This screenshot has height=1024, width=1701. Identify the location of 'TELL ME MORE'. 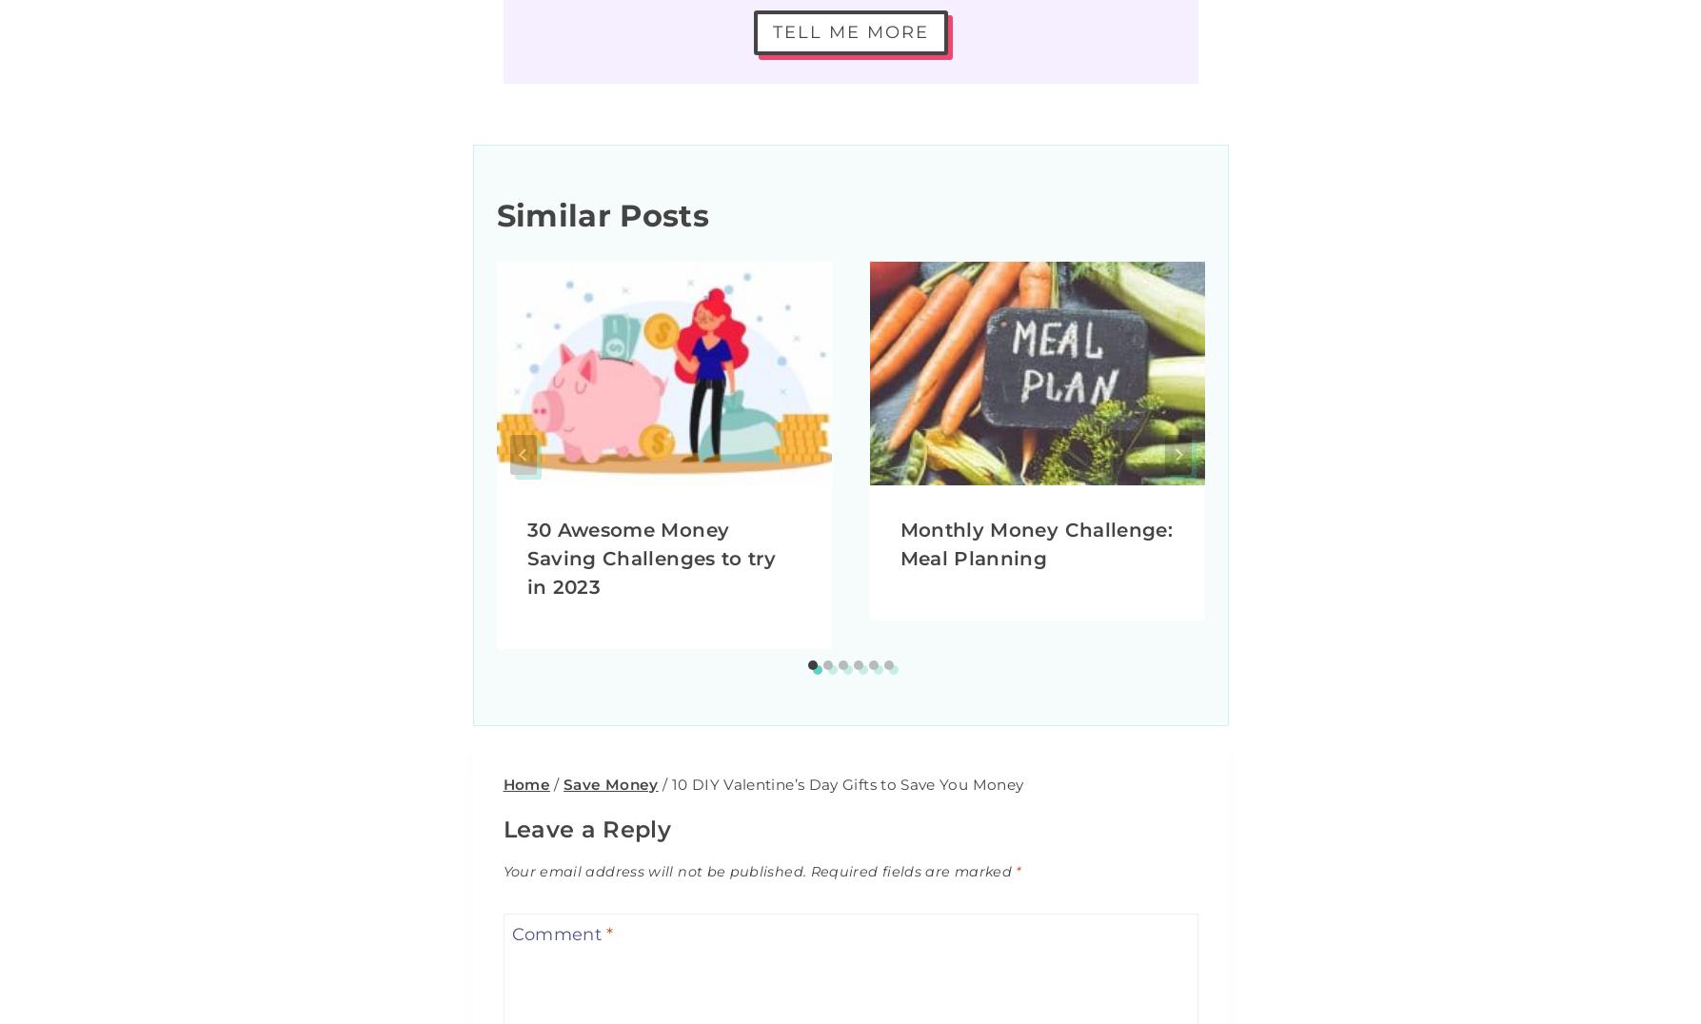
(849, 31).